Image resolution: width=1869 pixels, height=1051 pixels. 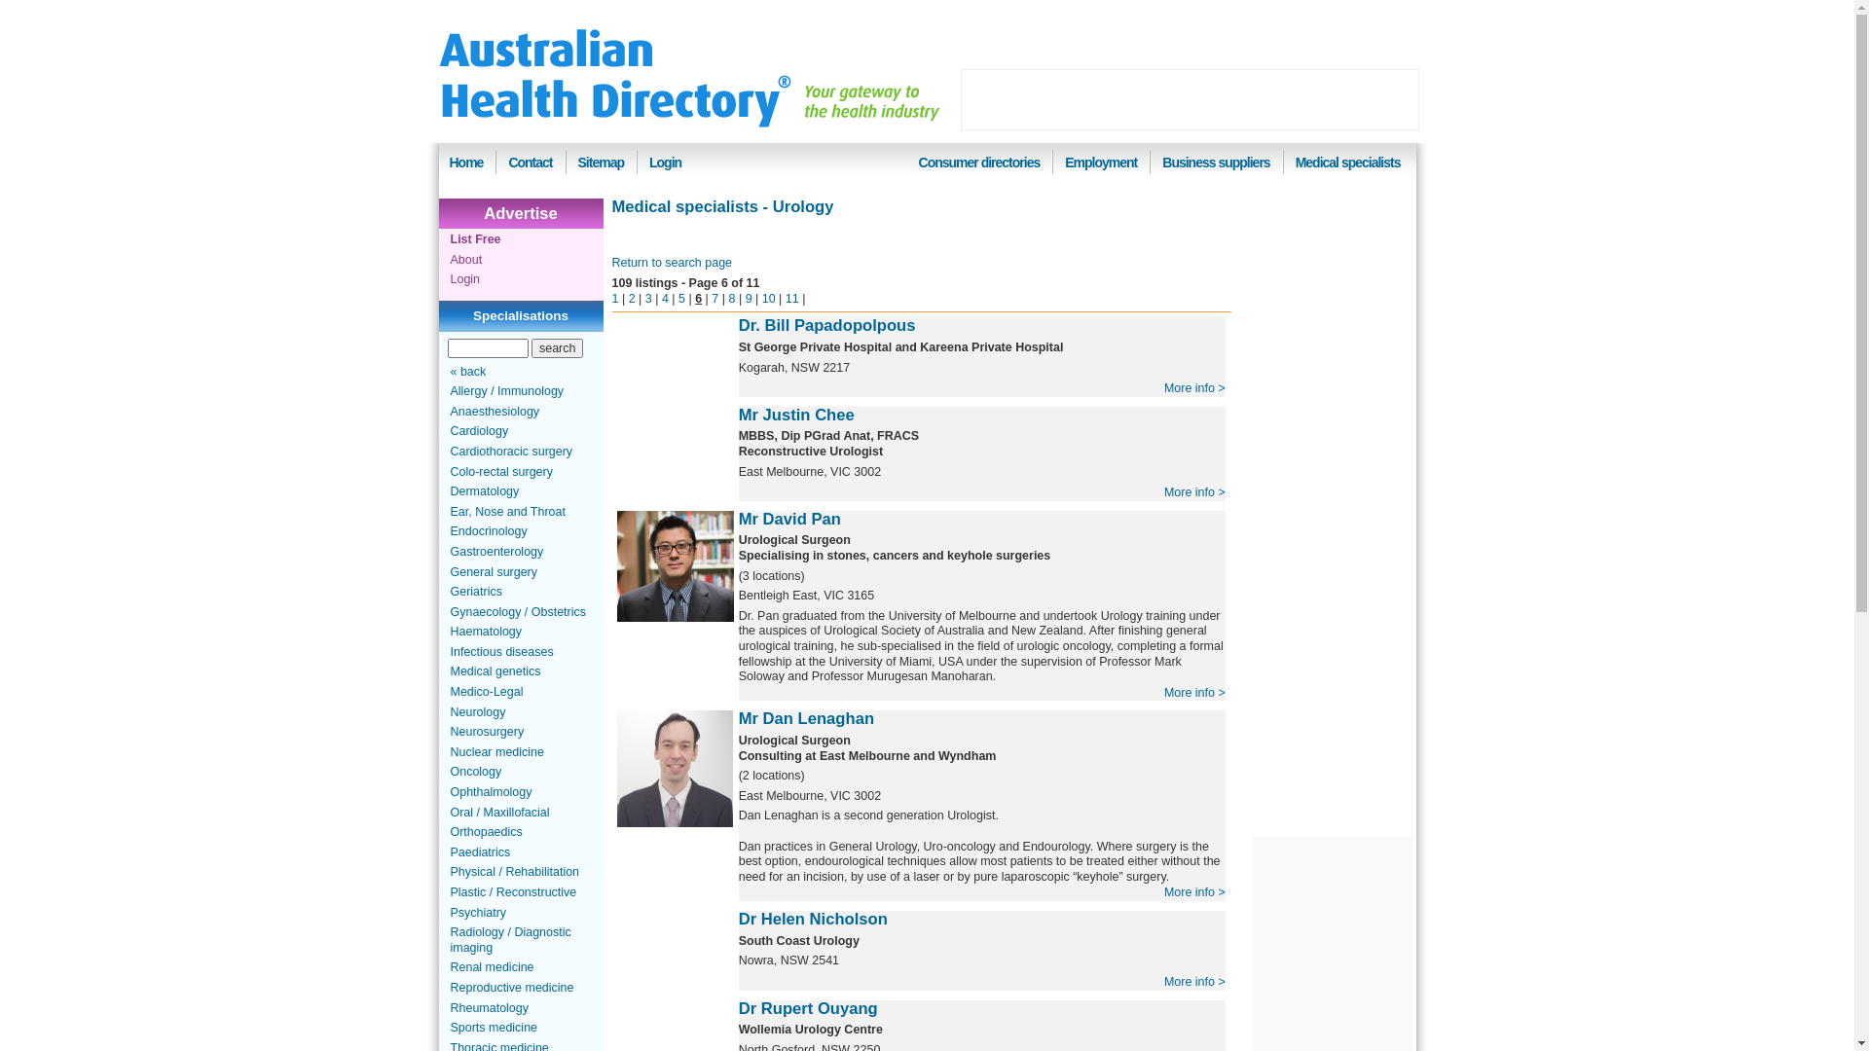 What do you see at coordinates (478, 430) in the screenshot?
I see `'Cardiology'` at bounding box center [478, 430].